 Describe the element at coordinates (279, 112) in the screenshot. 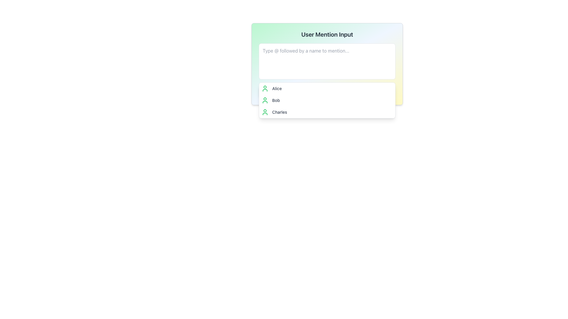

I see `to select the text 'Charles' within the third option of the dropdown list under 'User Mention Input'` at that location.